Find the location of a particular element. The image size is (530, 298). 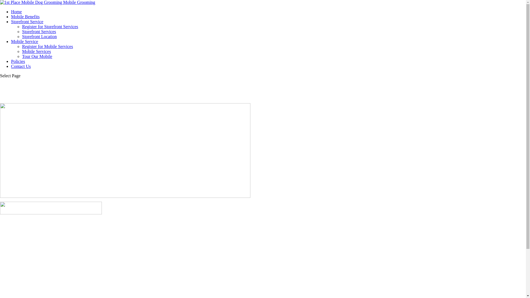

'Home' is located at coordinates (16, 12).